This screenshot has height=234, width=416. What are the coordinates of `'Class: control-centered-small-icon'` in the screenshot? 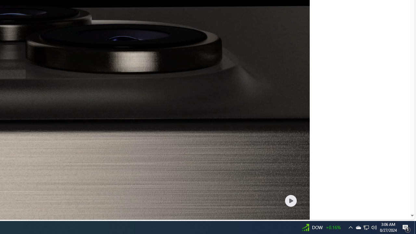 It's located at (290, 200).